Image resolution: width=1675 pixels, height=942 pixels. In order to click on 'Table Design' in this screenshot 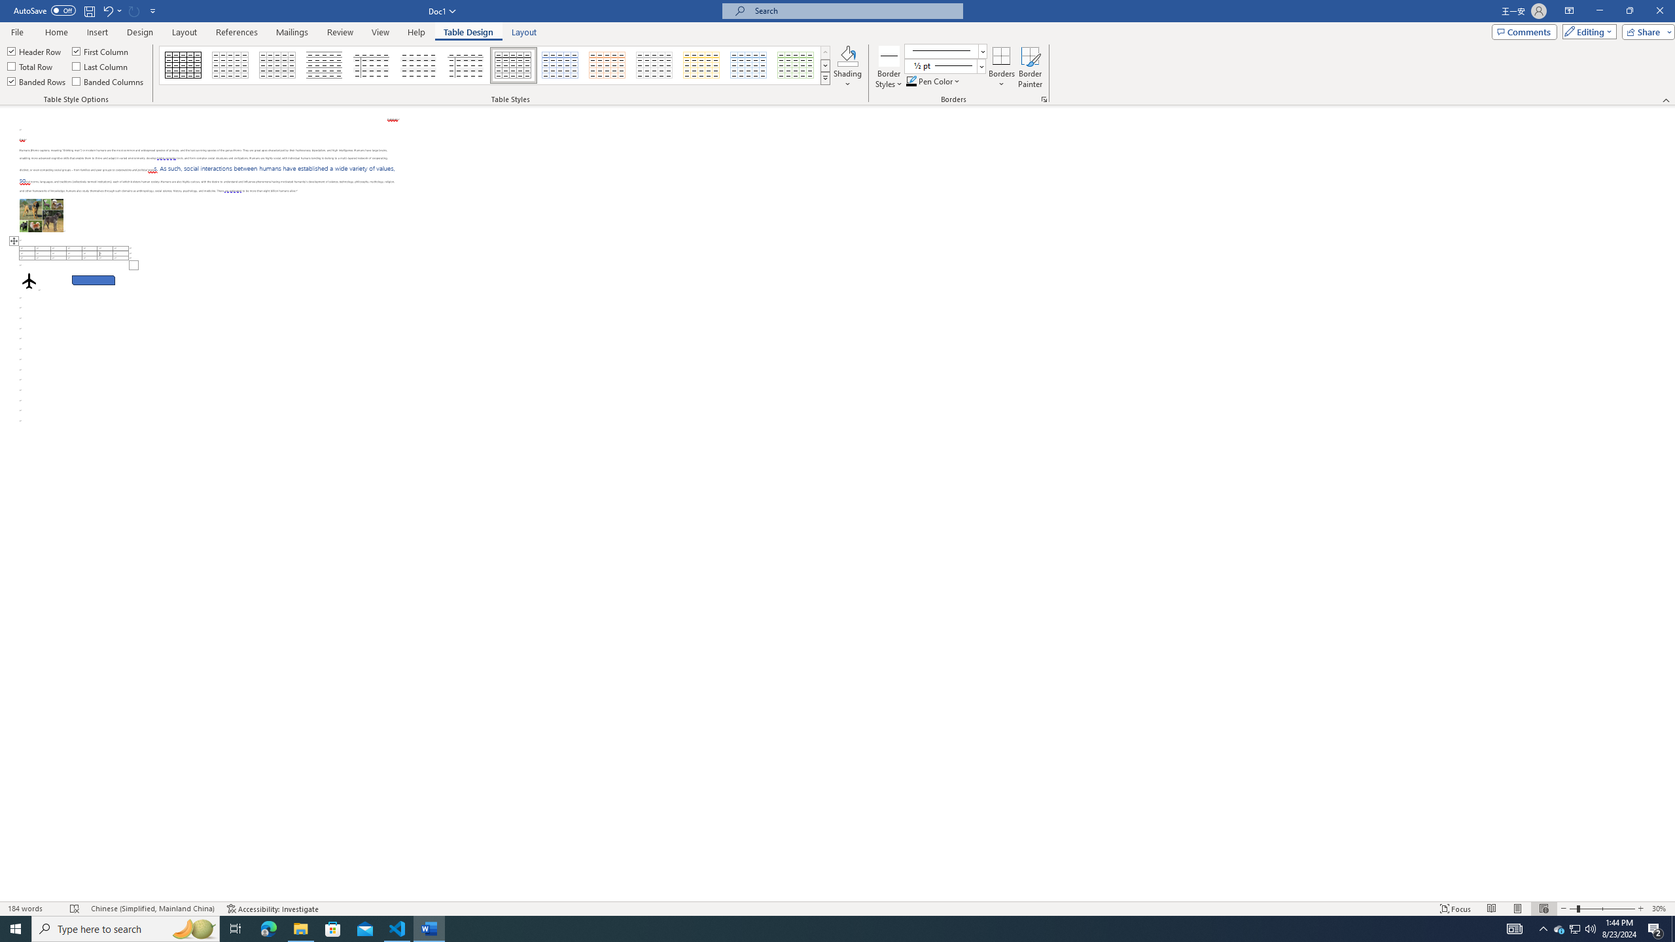, I will do `click(468, 32)`.